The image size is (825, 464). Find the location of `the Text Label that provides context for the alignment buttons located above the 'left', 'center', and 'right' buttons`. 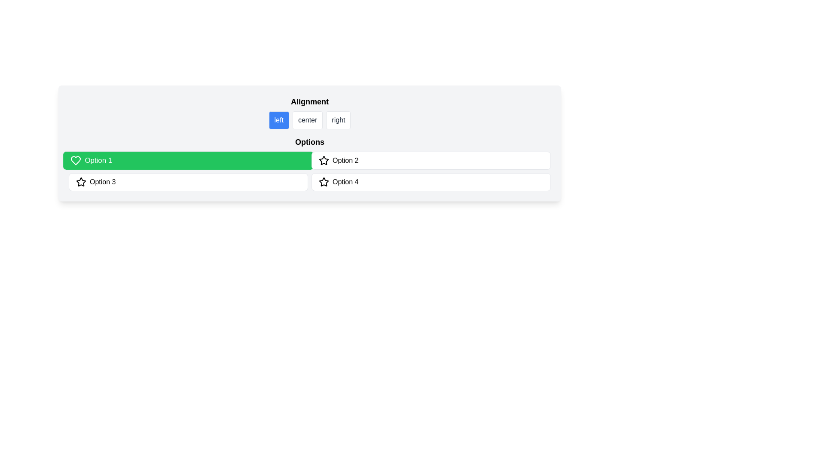

the Text Label that provides context for the alignment buttons located above the 'left', 'center', and 'right' buttons is located at coordinates (309, 101).